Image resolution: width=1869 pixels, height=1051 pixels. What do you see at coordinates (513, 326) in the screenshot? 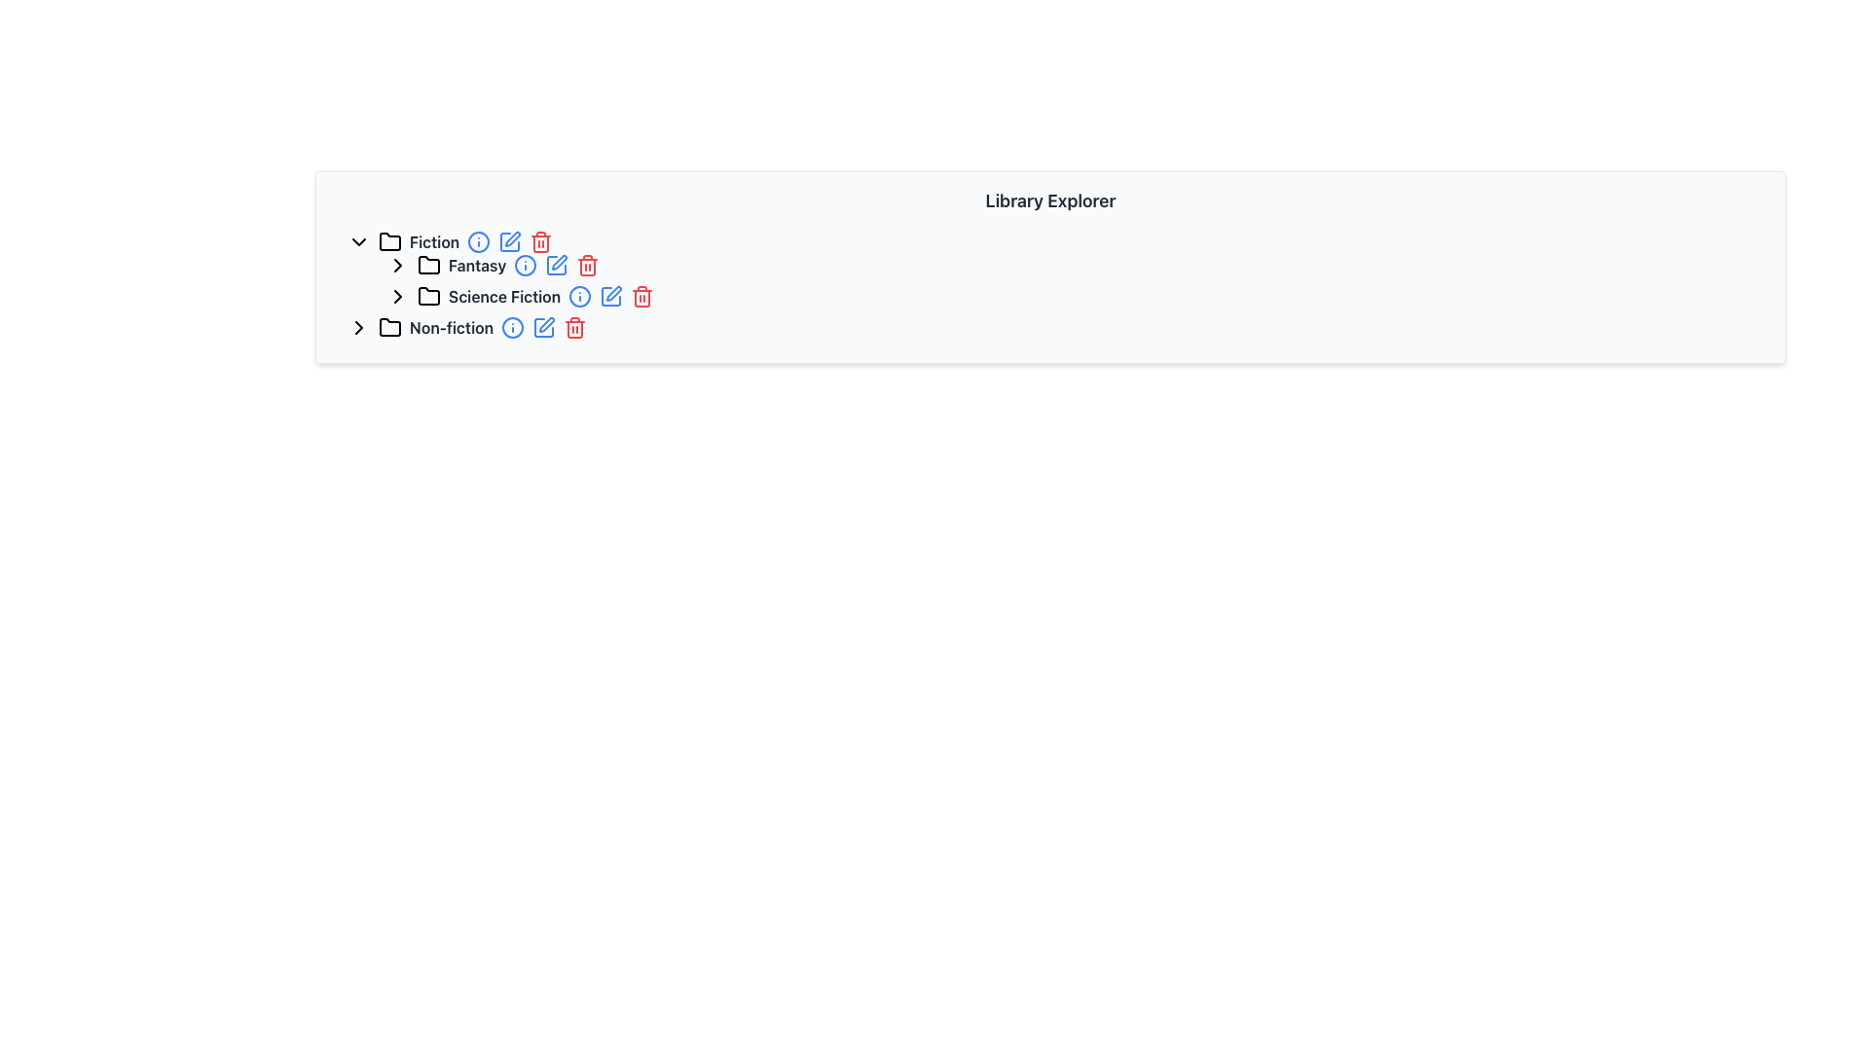
I see `the information button next to the 'Non-fiction' text label` at bounding box center [513, 326].